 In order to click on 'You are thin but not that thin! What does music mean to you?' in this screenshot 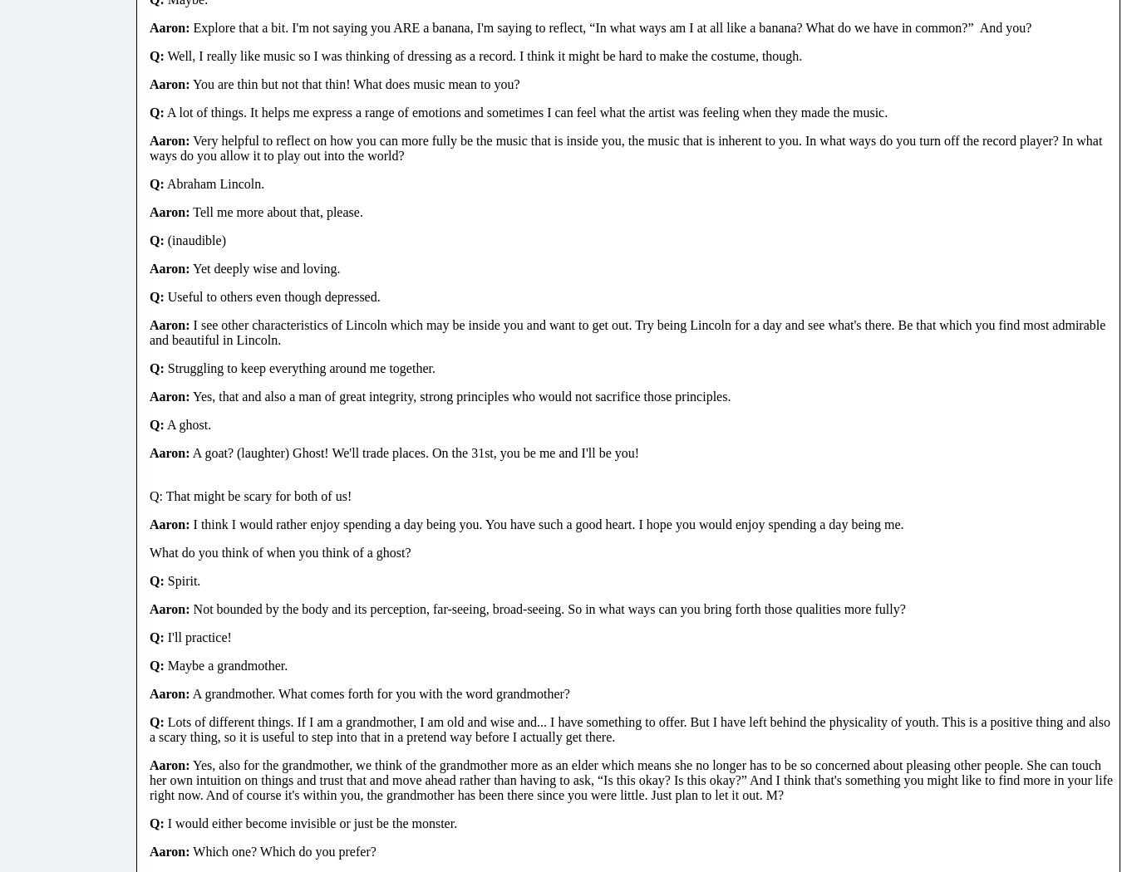, I will do `click(354, 83)`.